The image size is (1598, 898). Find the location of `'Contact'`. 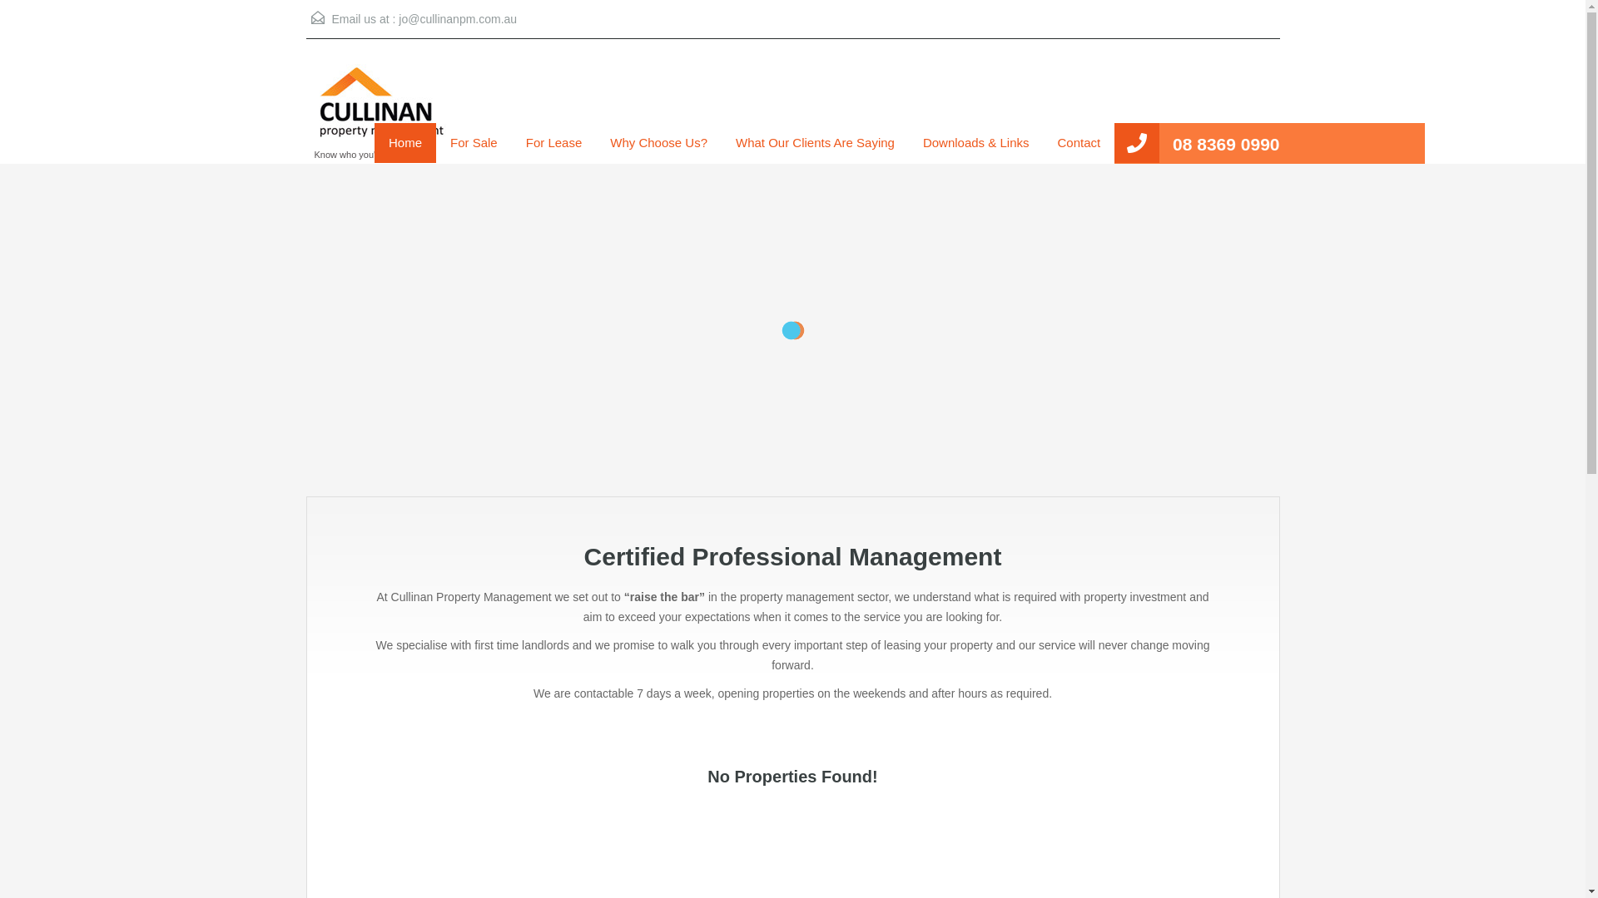

'Contact' is located at coordinates (1079, 142).